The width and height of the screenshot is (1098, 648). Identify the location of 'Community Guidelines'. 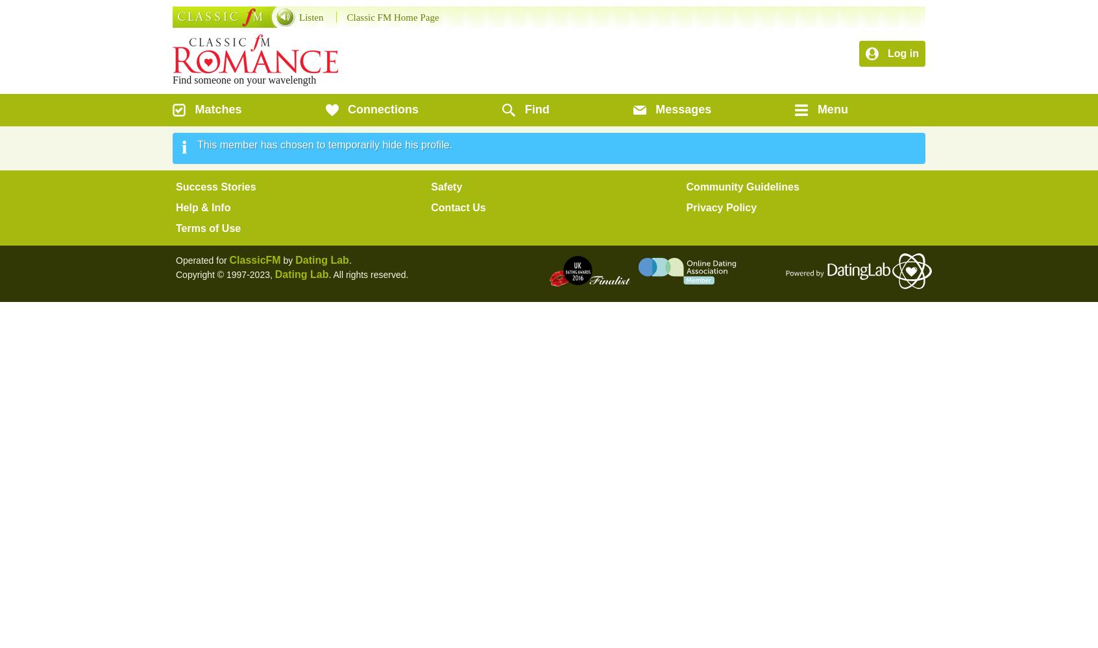
(741, 187).